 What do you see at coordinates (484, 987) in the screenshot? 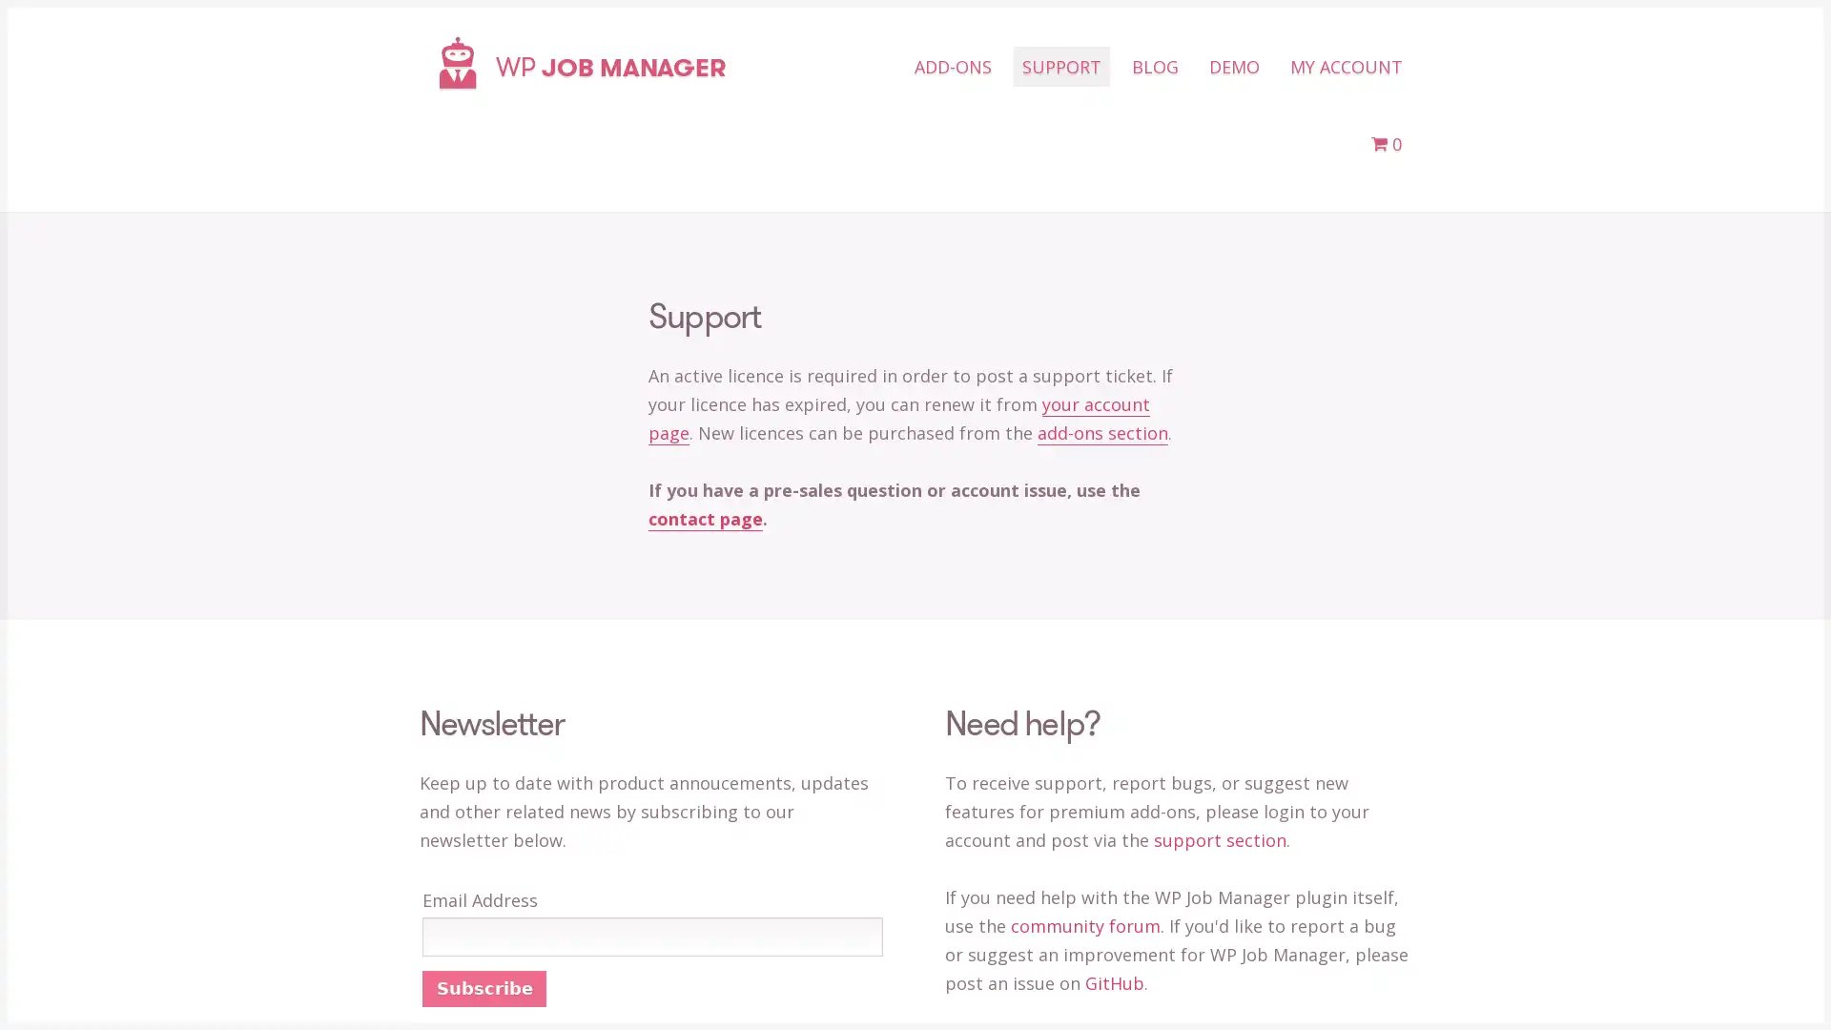
I see `Subscribe` at bounding box center [484, 987].